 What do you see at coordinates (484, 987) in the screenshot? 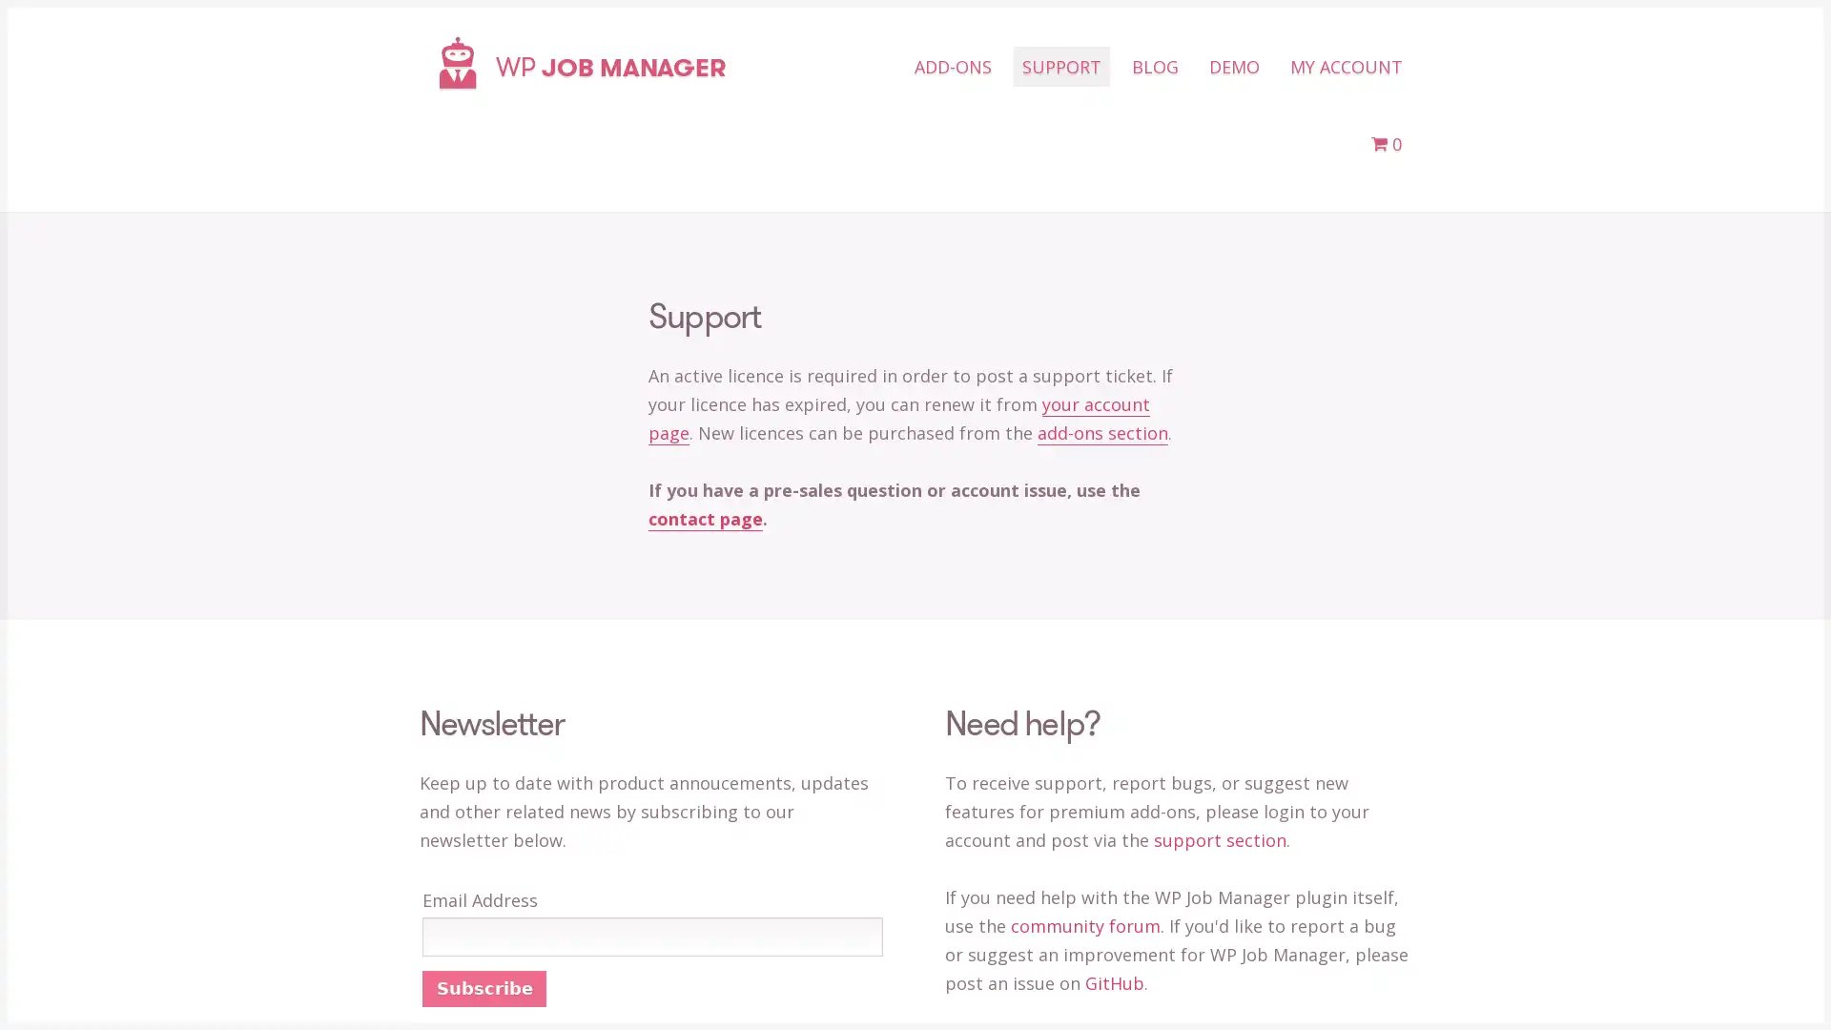
I see `Subscribe` at bounding box center [484, 987].